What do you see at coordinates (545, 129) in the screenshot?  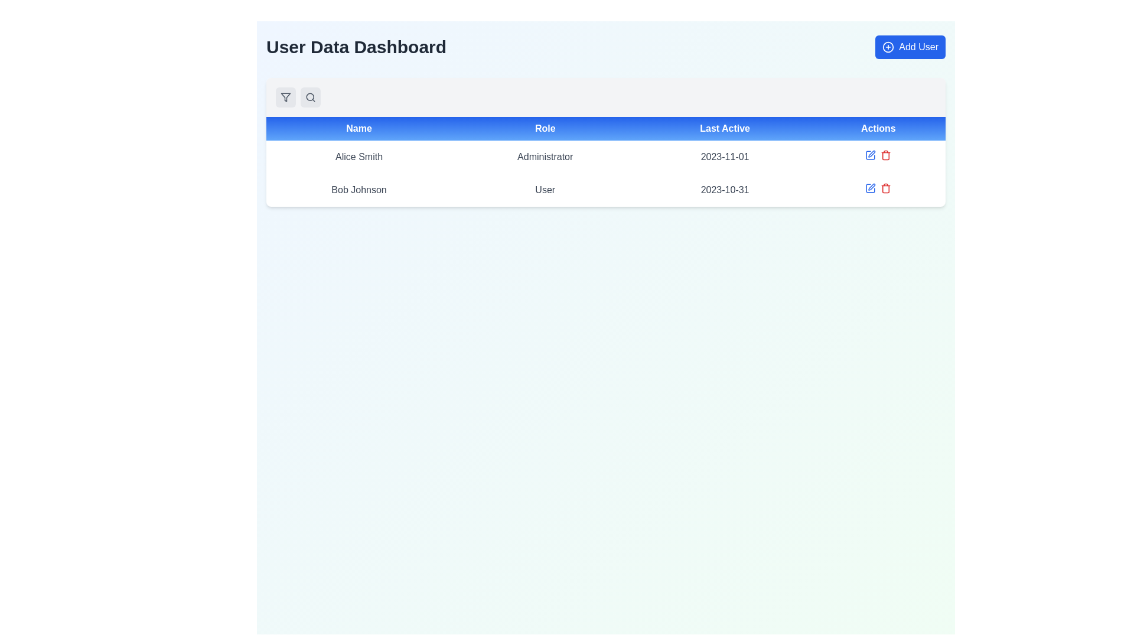 I see `the Table header element labeled 'Role', which is a blue button-like component located between the 'Name' and 'Last Active' headers` at bounding box center [545, 129].